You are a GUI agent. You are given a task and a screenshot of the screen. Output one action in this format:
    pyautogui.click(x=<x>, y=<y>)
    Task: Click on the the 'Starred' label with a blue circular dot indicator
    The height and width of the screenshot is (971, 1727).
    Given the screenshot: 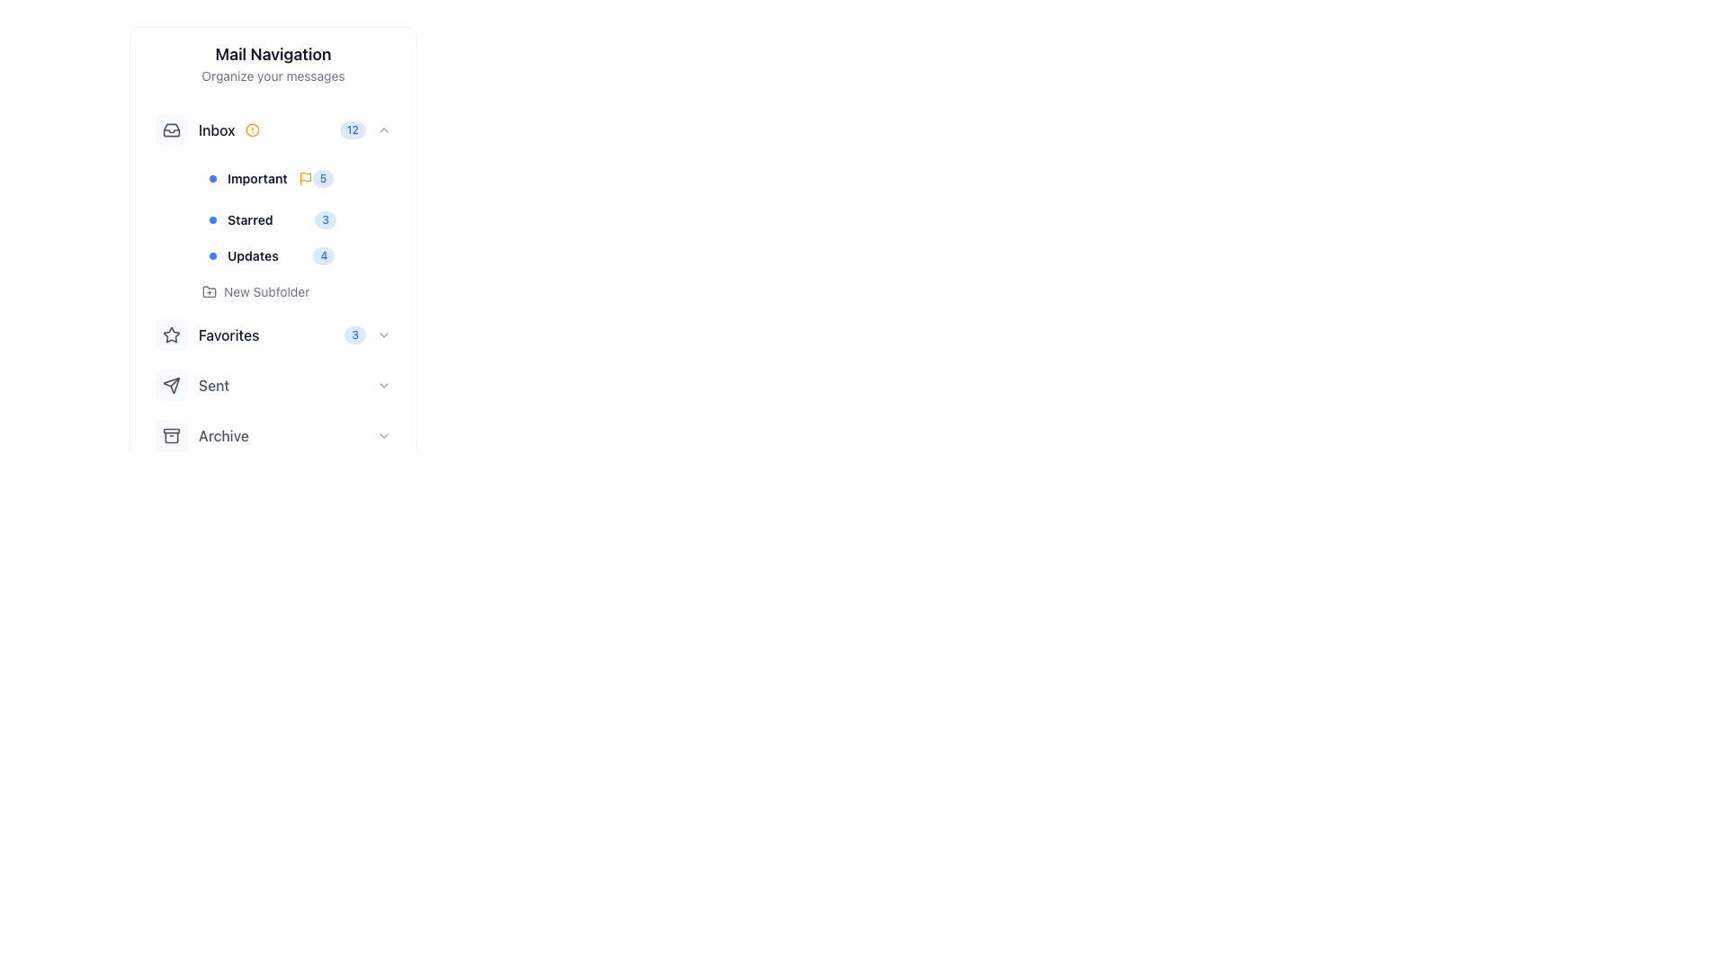 What is the action you would take?
    pyautogui.click(x=240, y=219)
    